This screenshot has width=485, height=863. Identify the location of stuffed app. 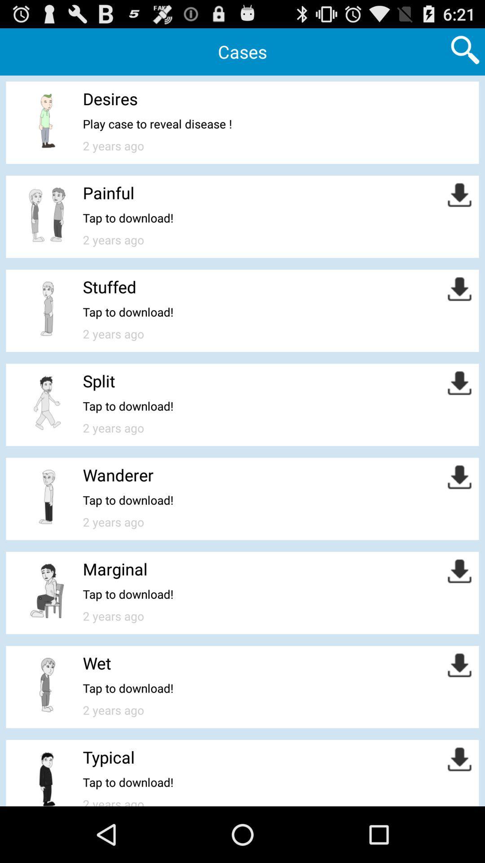
(109, 286).